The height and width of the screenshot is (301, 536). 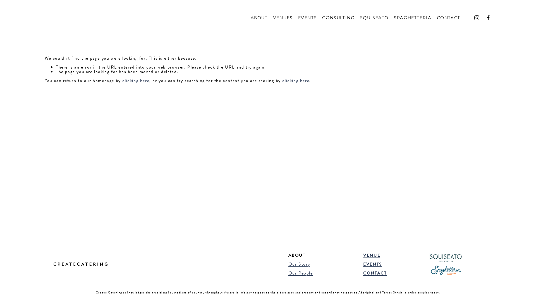 What do you see at coordinates (299, 264) in the screenshot?
I see `'Our Story'` at bounding box center [299, 264].